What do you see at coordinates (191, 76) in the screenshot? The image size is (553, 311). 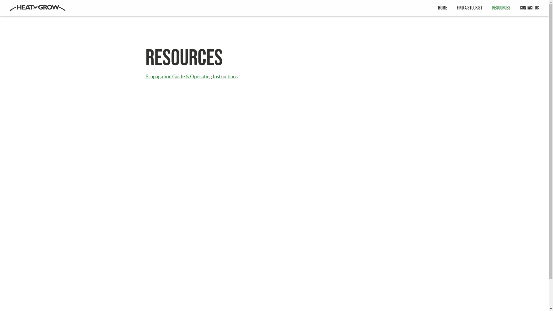 I see `'Propagation Guide & Operating Instructions'` at bounding box center [191, 76].